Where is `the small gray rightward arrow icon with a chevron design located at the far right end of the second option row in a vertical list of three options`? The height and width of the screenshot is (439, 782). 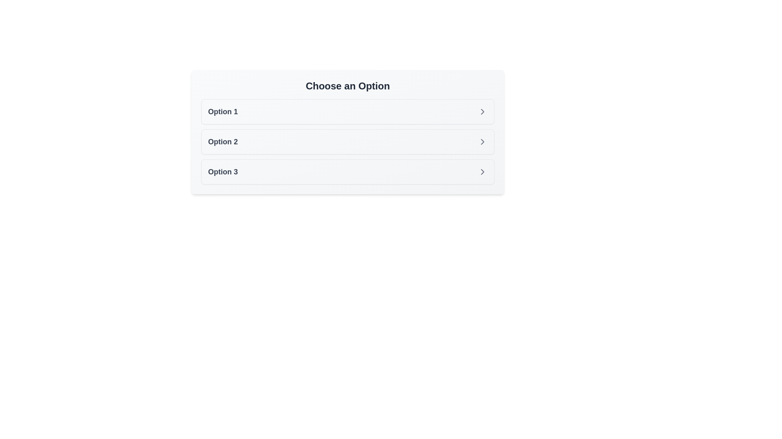 the small gray rightward arrow icon with a chevron design located at the far right end of the second option row in a vertical list of three options is located at coordinates (483, 141).